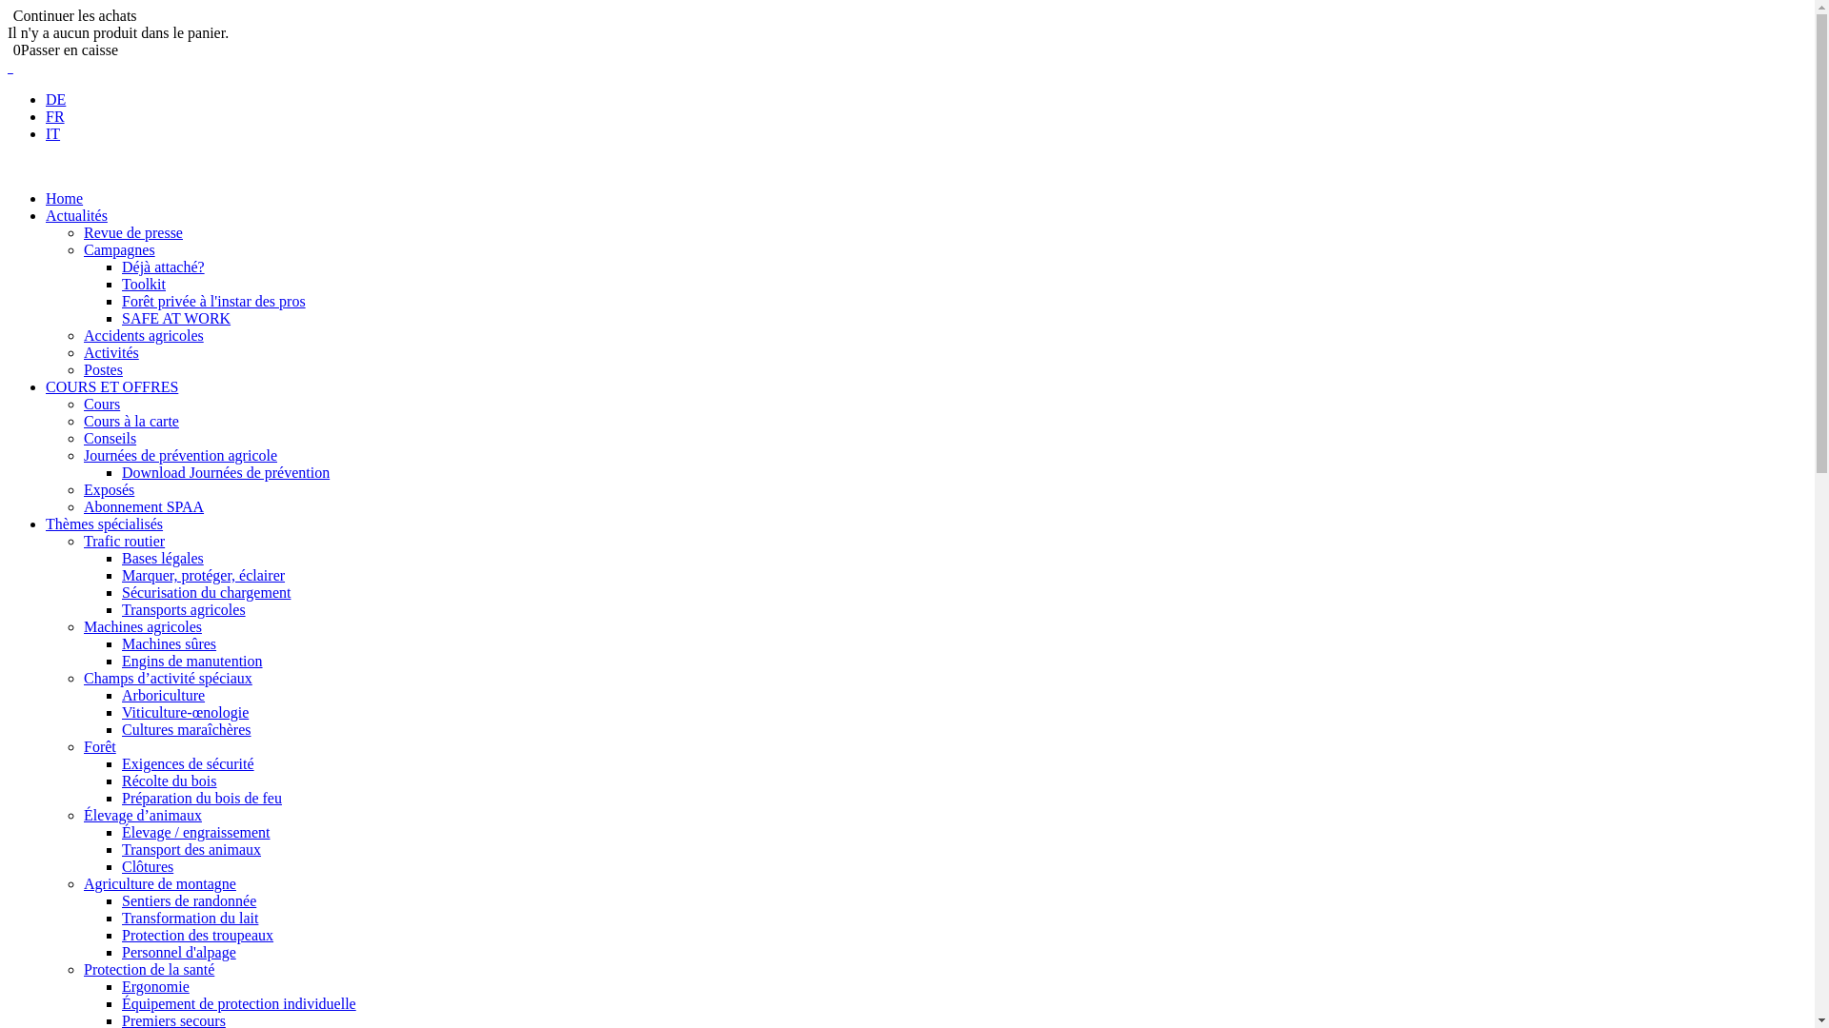 This screenshot has height=1028, width=1829. Describe the element at coordinates (82, 334) in the screenshot. I see `'Accidents agricoles'` at that location.